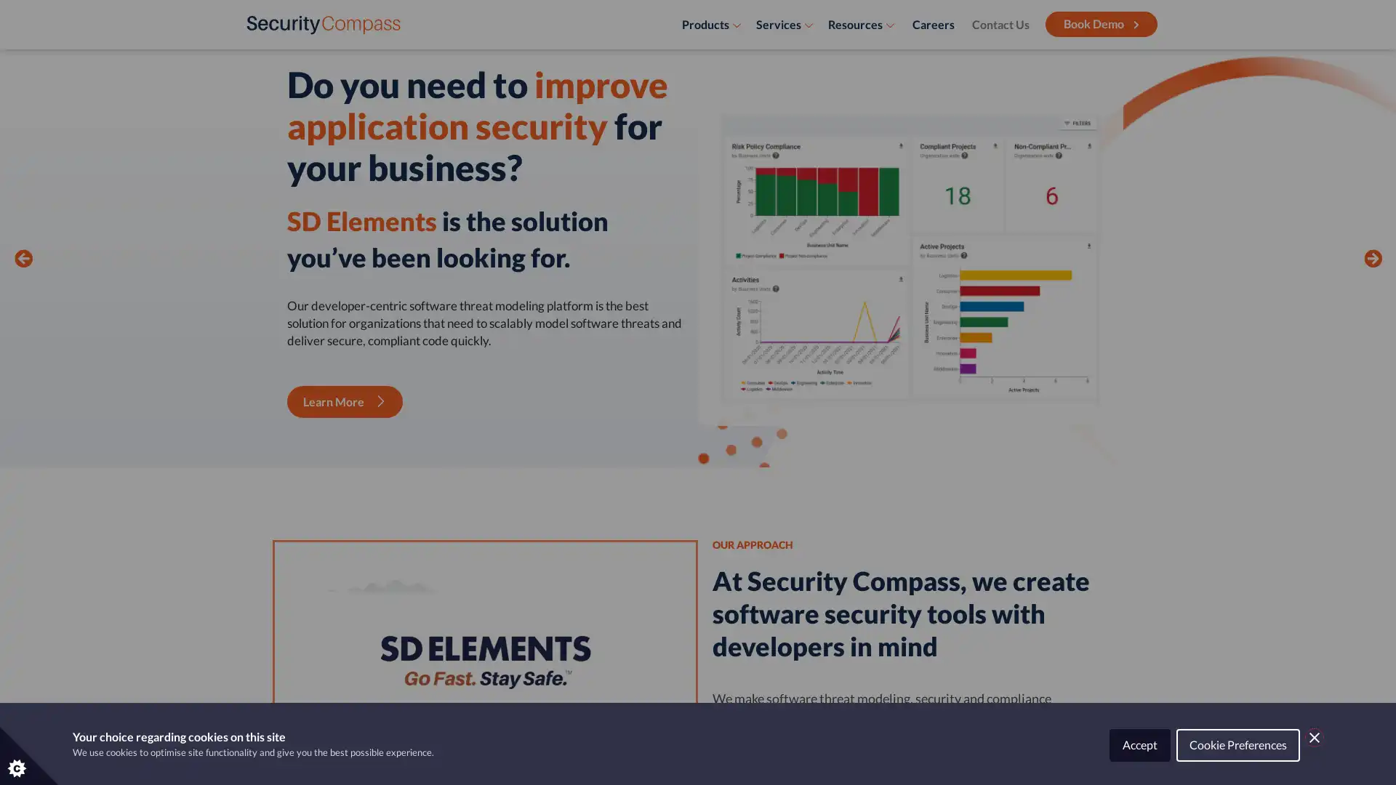  I want to click on Previous, so click(23, 276).